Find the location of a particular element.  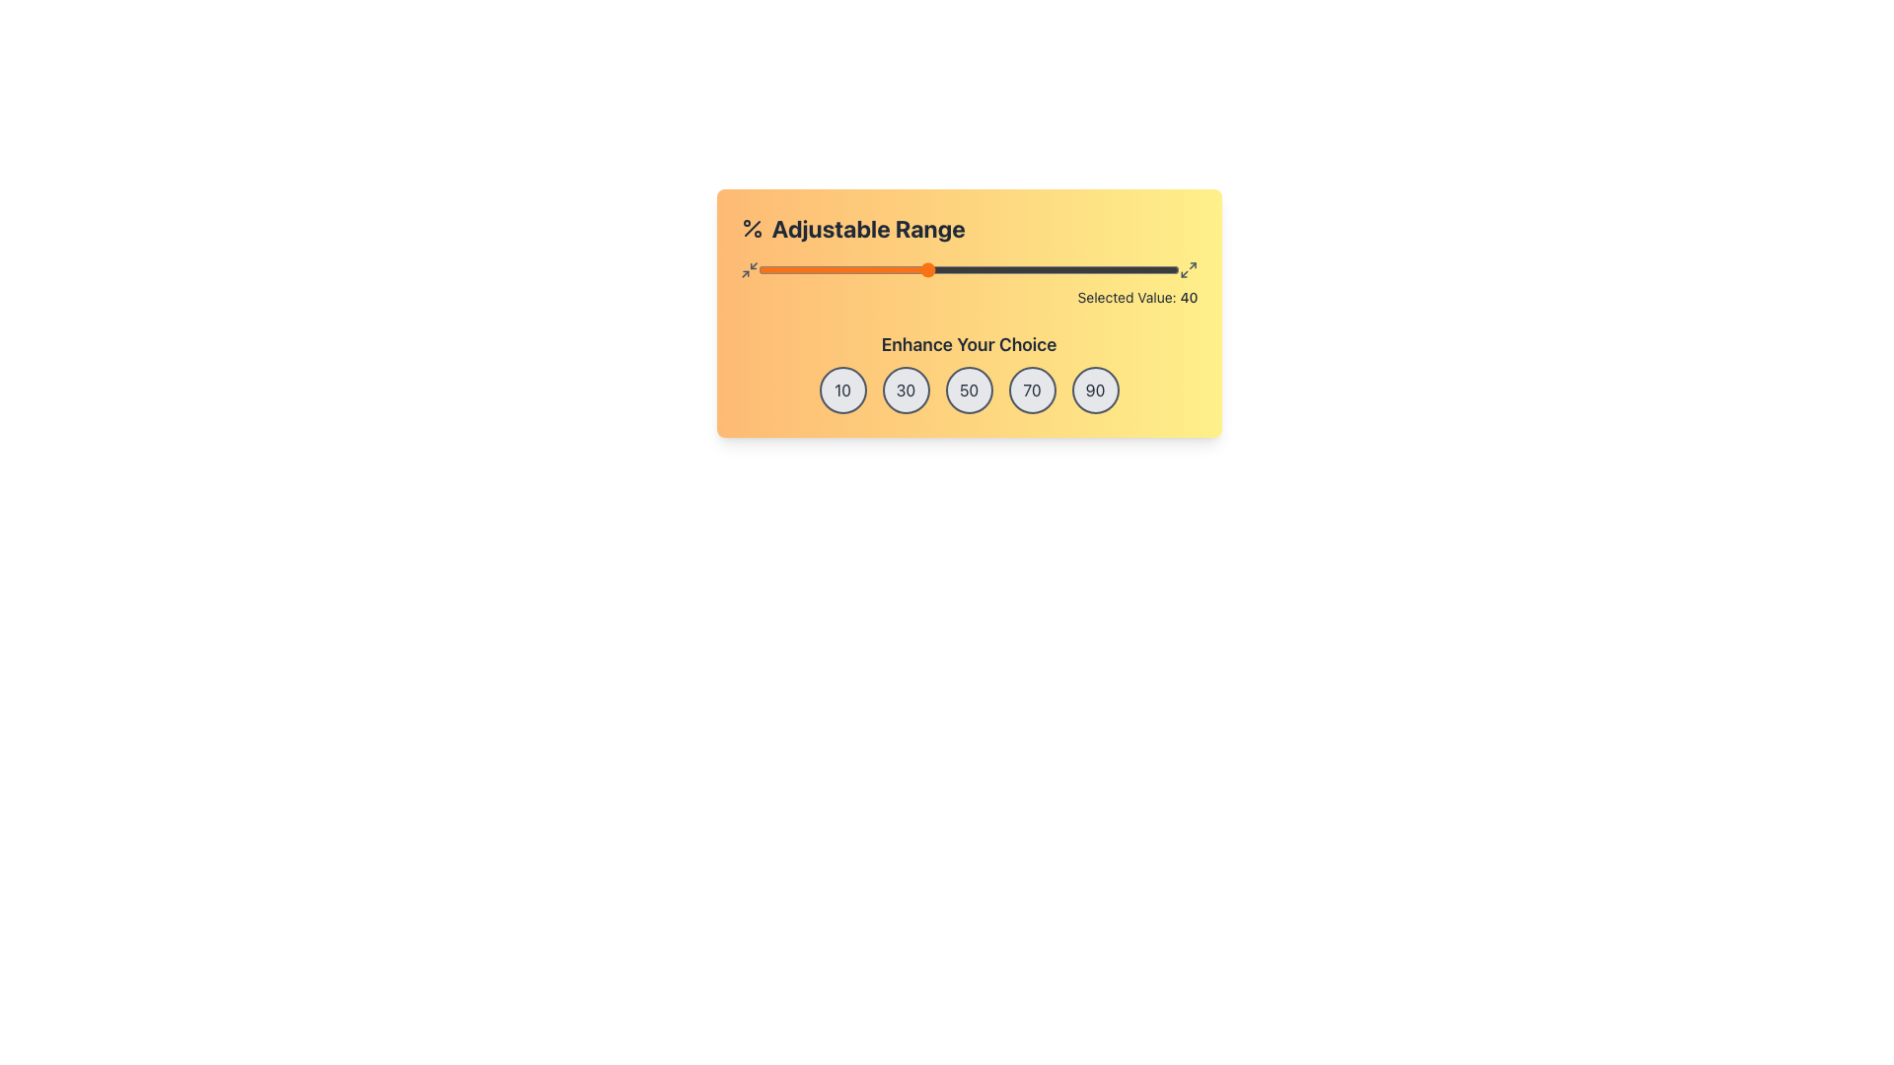

the slider is located at coordinates (921, 269).